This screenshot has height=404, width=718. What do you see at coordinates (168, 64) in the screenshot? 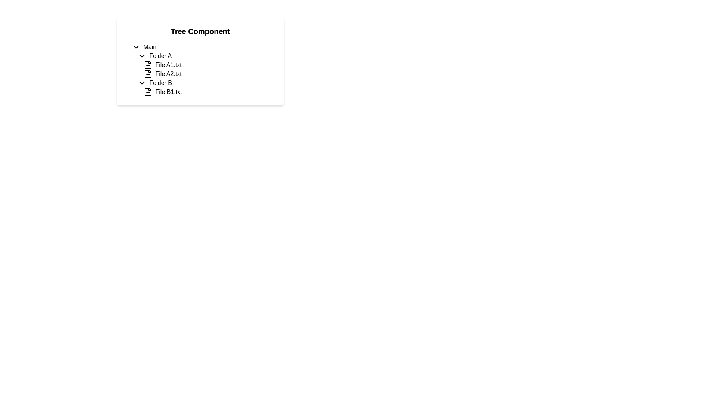
I see `the Text Label representing the name of a file, which is the first item under 'Folder A' in the tree component, located to the right of a file icon` at bounding box center [168, 64].